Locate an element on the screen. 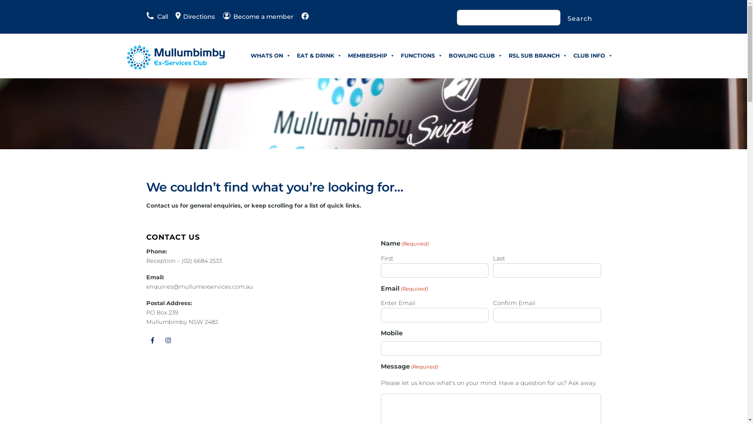 This screenshot has width=753, height=423. 'Instagram' is located at coordinates (168, 340).